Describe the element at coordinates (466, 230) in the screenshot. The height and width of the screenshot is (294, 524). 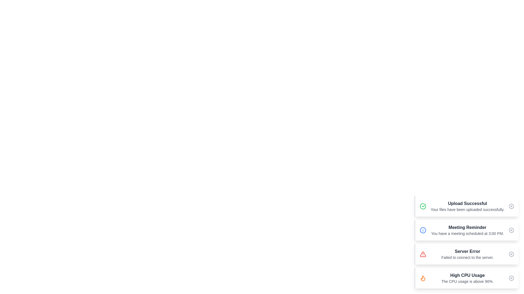
I see `the alert with title Meeting Reminder to activate the hover effect` at that location.